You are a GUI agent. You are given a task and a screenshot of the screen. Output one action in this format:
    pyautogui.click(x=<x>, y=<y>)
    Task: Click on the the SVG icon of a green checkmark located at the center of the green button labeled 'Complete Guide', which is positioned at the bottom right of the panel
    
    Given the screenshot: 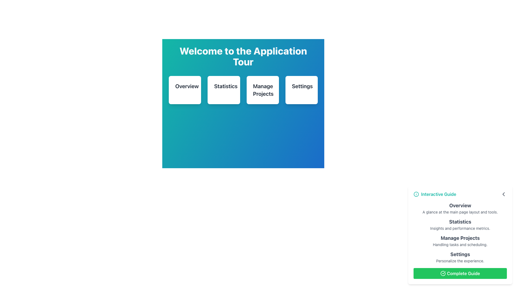 What is the action you would take?
    pyautogui.click(x=443, y=273)
    